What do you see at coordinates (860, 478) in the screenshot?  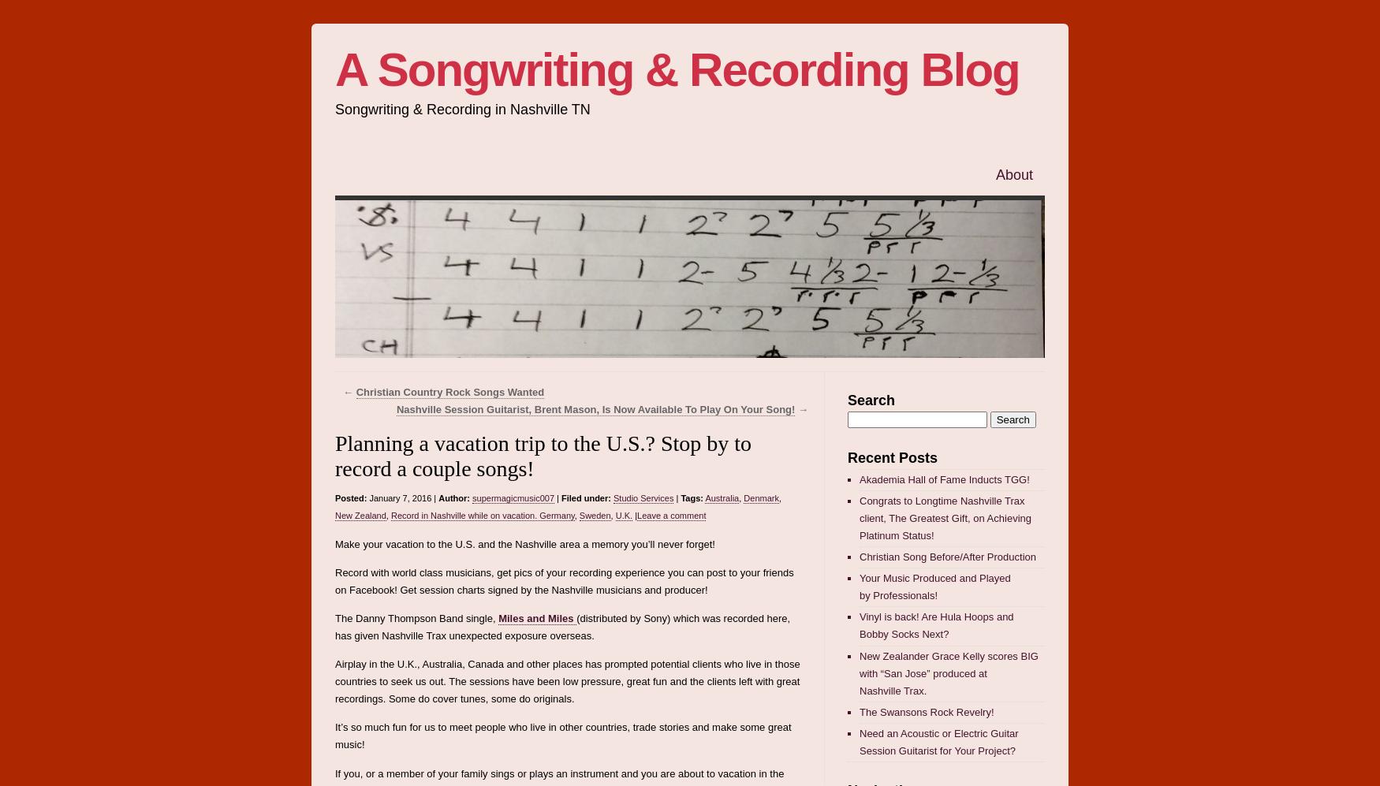 I see `'Akademia Hall of Fame Inducts TGG!'` at bounding box center [860, 478].